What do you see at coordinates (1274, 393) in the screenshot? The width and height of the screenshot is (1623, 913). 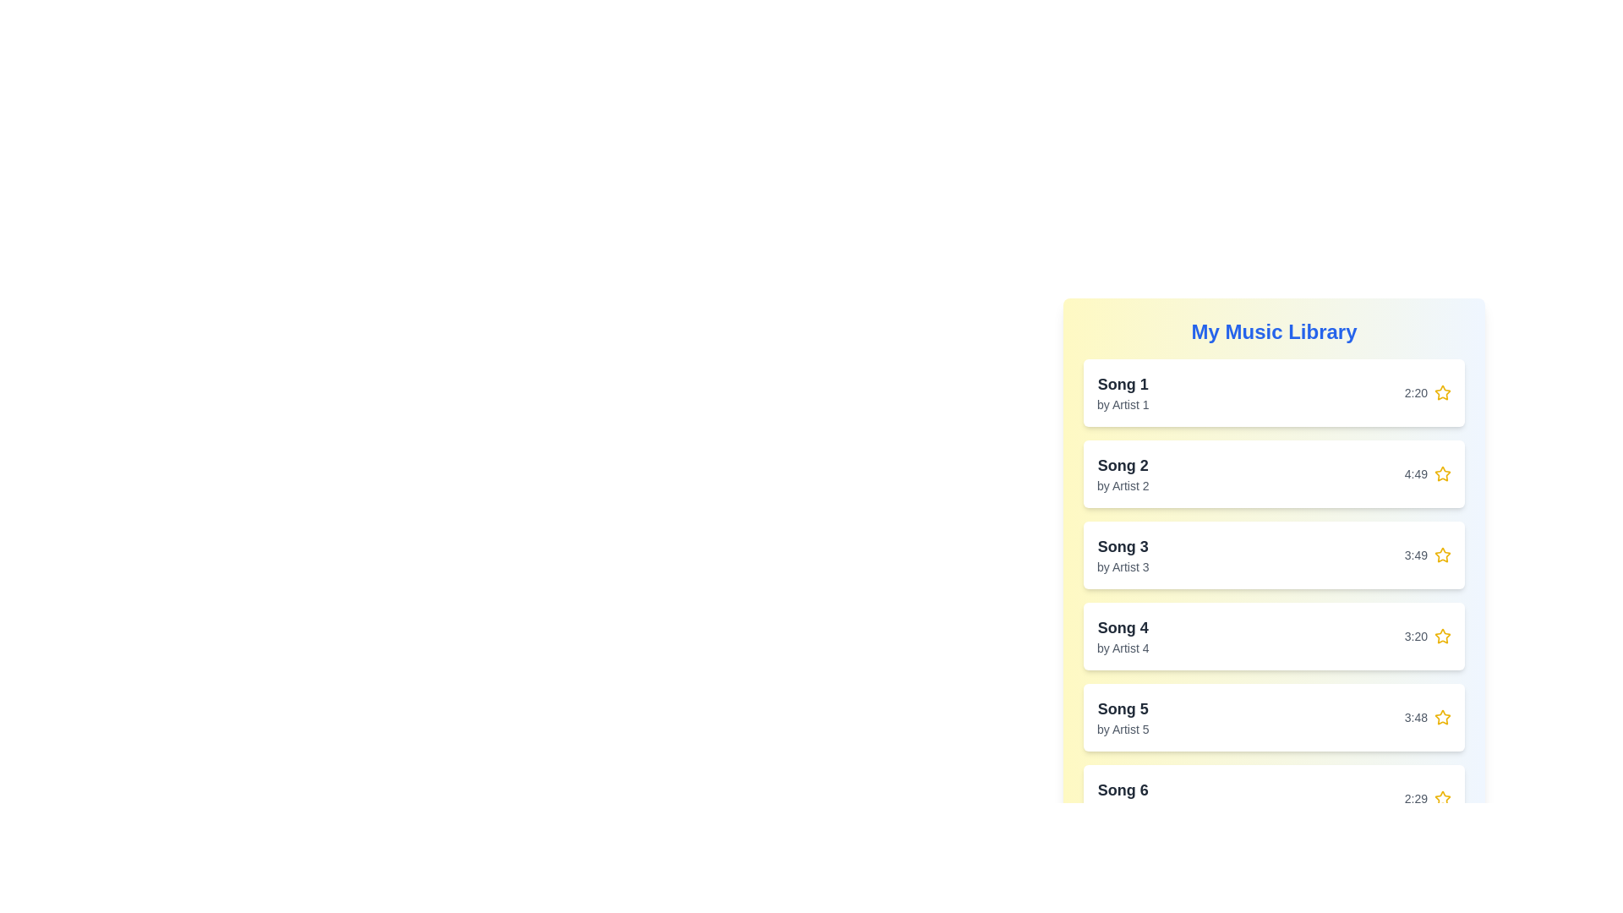 I see `the List item card titled 'Song 1' with the subtitle 'by Artist 1' and the duration '2:20' on the right, which is the first card in the vertical music list` at bounding box center [1274, 393].